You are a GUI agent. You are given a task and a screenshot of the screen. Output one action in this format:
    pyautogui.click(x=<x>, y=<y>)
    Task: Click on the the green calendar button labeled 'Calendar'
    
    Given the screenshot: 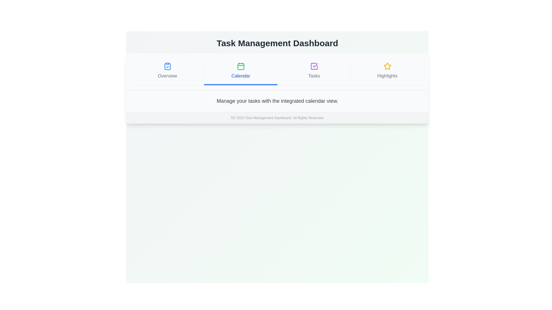 What is the action you would take?
    pyautogui.click(x=241, y=70)
    